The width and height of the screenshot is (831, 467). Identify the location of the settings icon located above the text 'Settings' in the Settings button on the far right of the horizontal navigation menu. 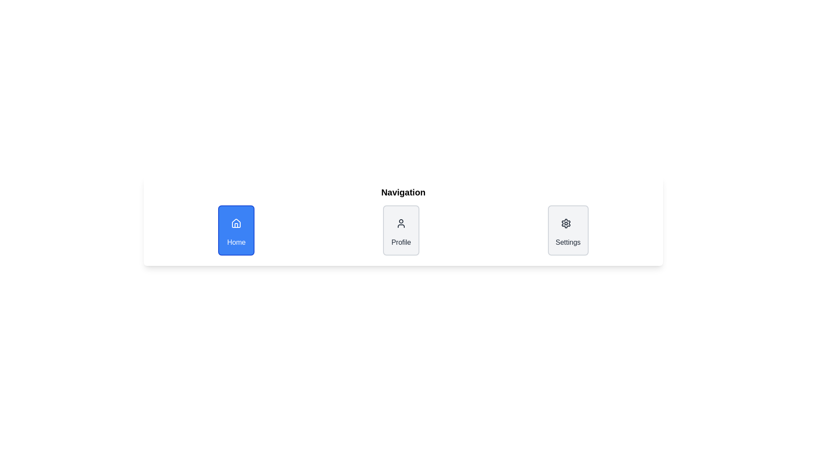
(566, 223).